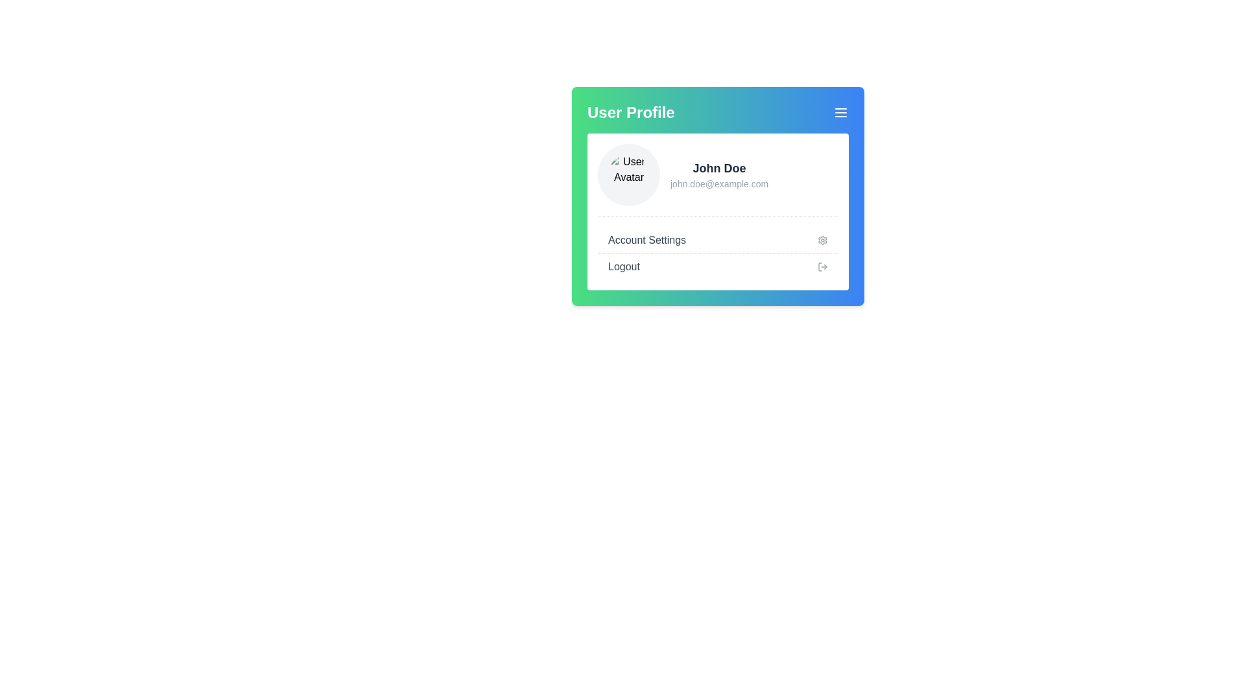 The height and width of the screenshot is (700, 1245). I want to click on text label 'Logout' located in the user profile dropdown menu, styled in gray and positioned below 'Account Settings', so click(624, 266).